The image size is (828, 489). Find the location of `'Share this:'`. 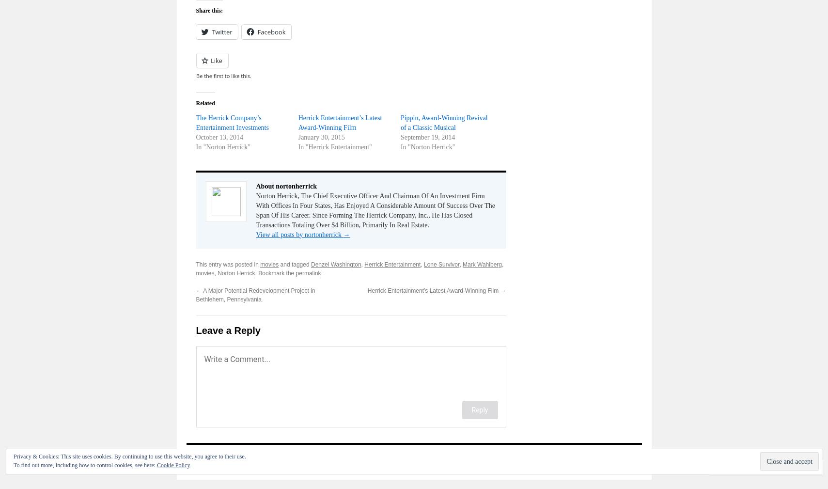

'Share this:' is located at coordinates (208, 9).